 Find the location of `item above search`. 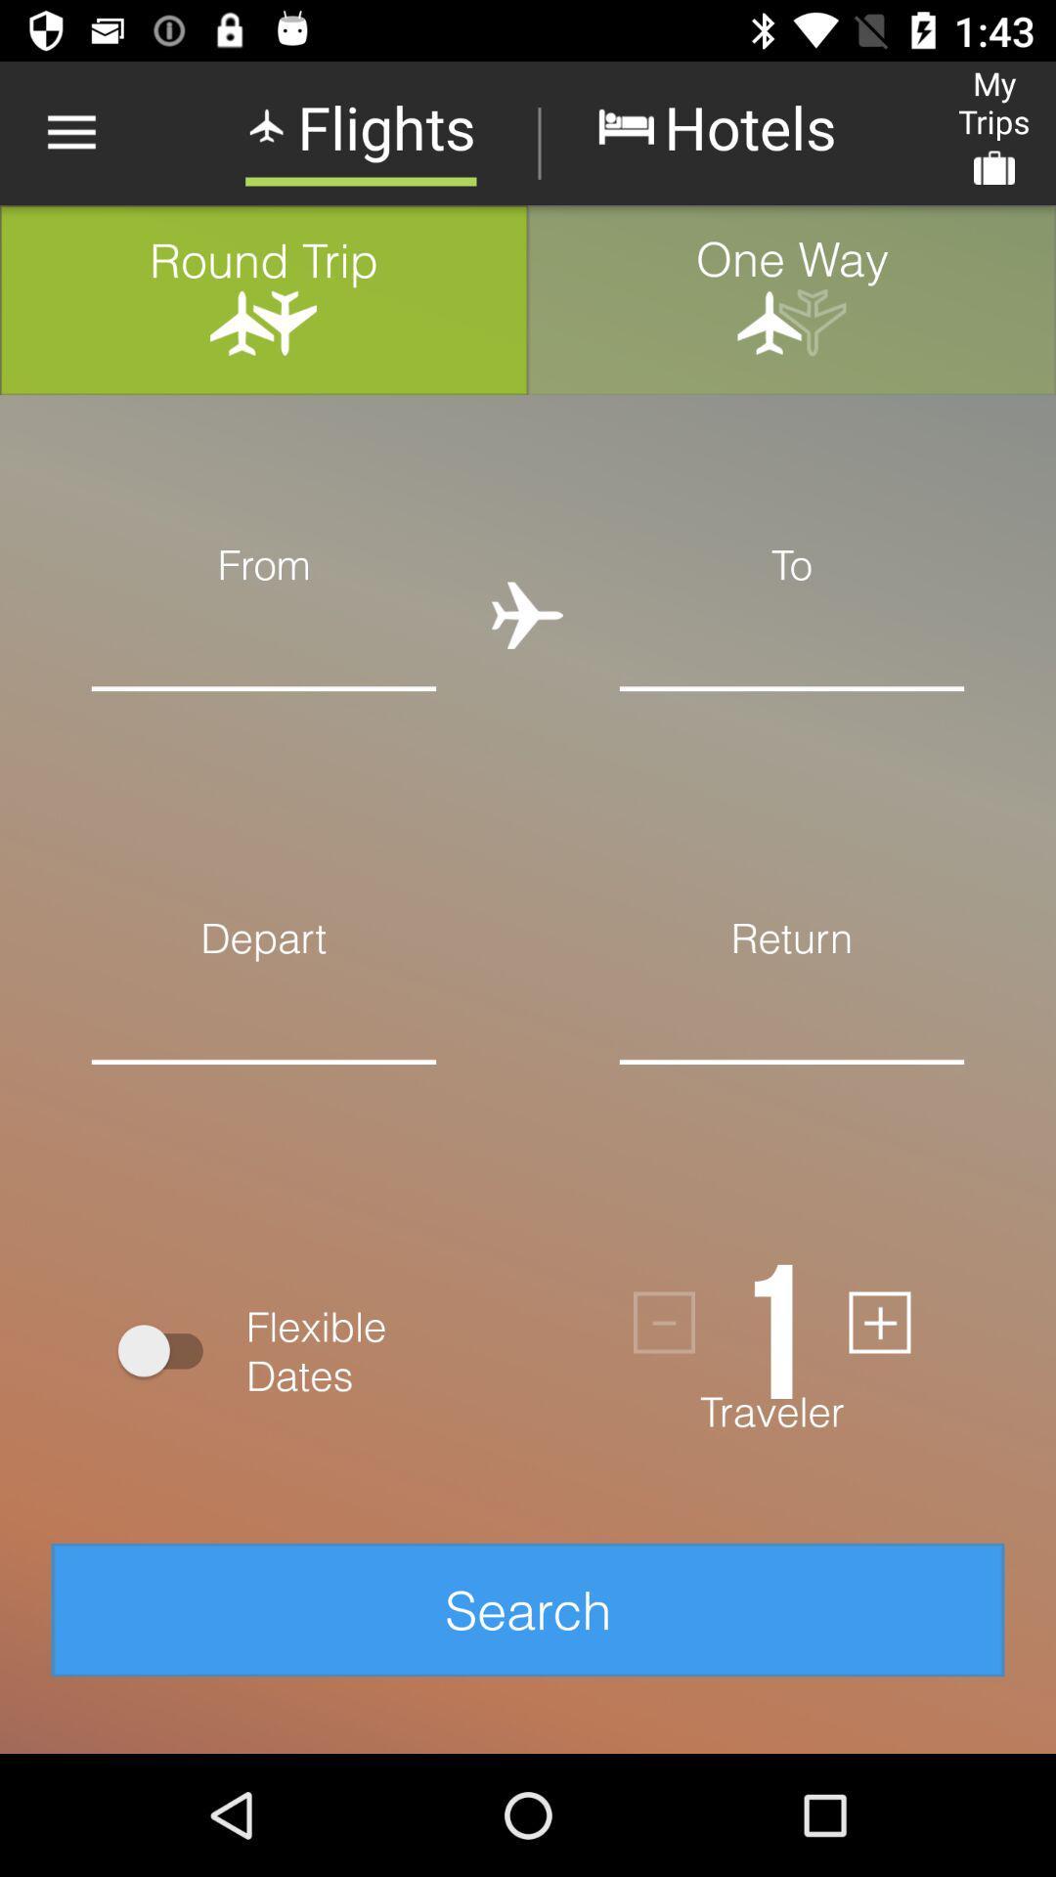

item above search is located at coordinates (770, 1323).